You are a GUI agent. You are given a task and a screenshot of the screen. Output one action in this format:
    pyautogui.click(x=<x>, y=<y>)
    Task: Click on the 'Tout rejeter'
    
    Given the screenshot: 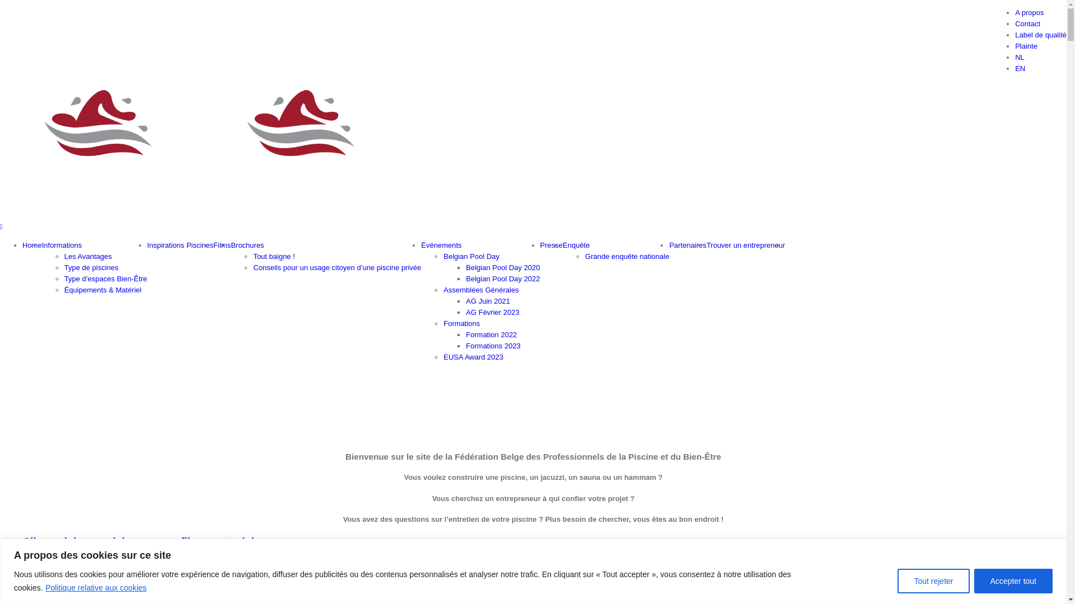 What is the action you would take?
    pyautogui.click(x=933, y=579)
    